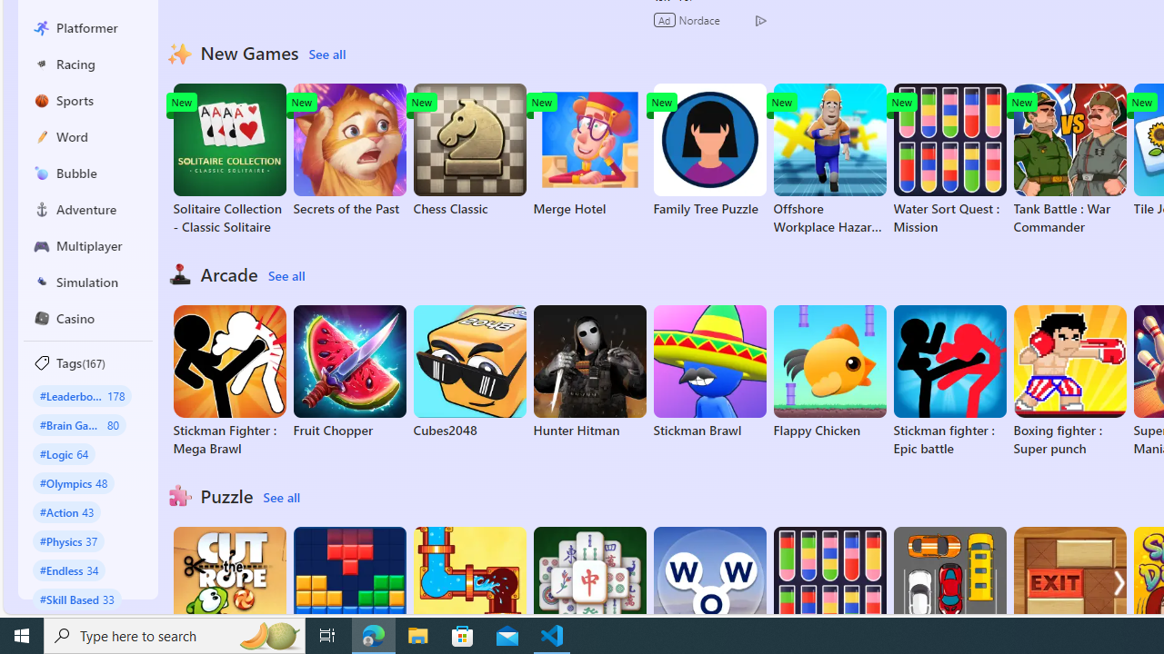 Image resolution: width=1164 pixels, height=654 pixels. What do you see at coordinates (948, 159) in the screenshot?
I see `'Water Sort Quest : Mission'` at bounding box center [948, 159].